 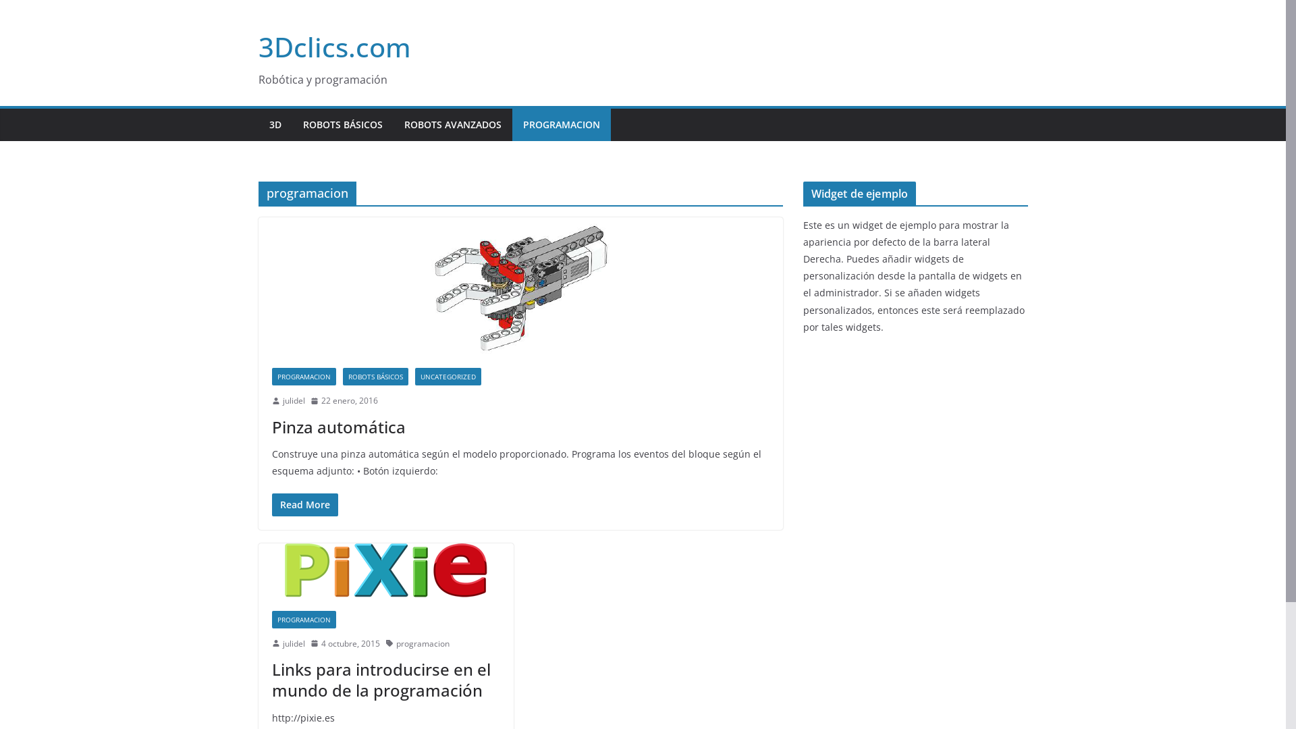 What do you see at coordinates (452, 125) in the screenshot?
I see `'ROBOTS AVANZADOS'` at bounding box center [452, 125].